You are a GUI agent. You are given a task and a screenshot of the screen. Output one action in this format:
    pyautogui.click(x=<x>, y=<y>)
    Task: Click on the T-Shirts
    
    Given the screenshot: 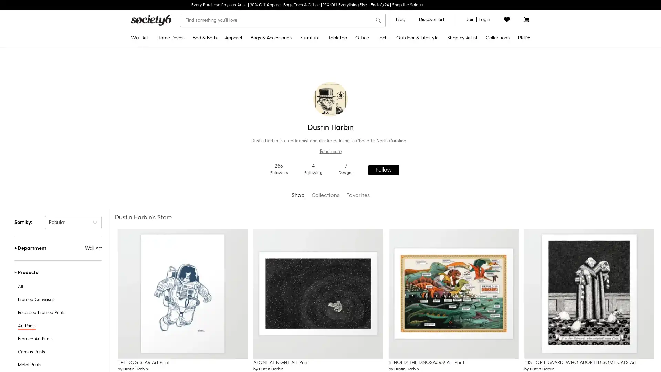 What is the action you would take?
    pyautogui.click(x=255, y=55)
    